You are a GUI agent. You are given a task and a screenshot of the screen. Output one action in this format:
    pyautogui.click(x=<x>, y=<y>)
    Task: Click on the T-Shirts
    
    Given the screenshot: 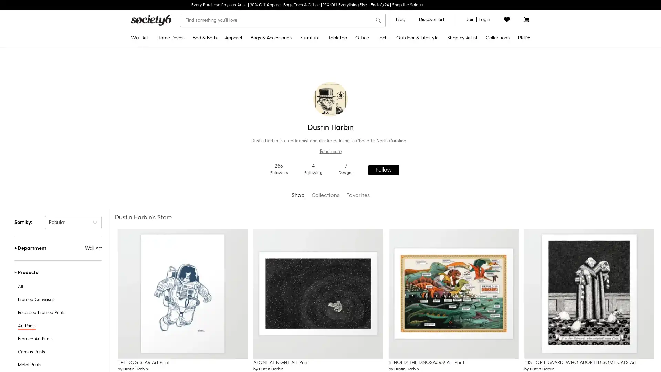 What is the action you would take?
    pyautogui.click(x=255, y=55)
    